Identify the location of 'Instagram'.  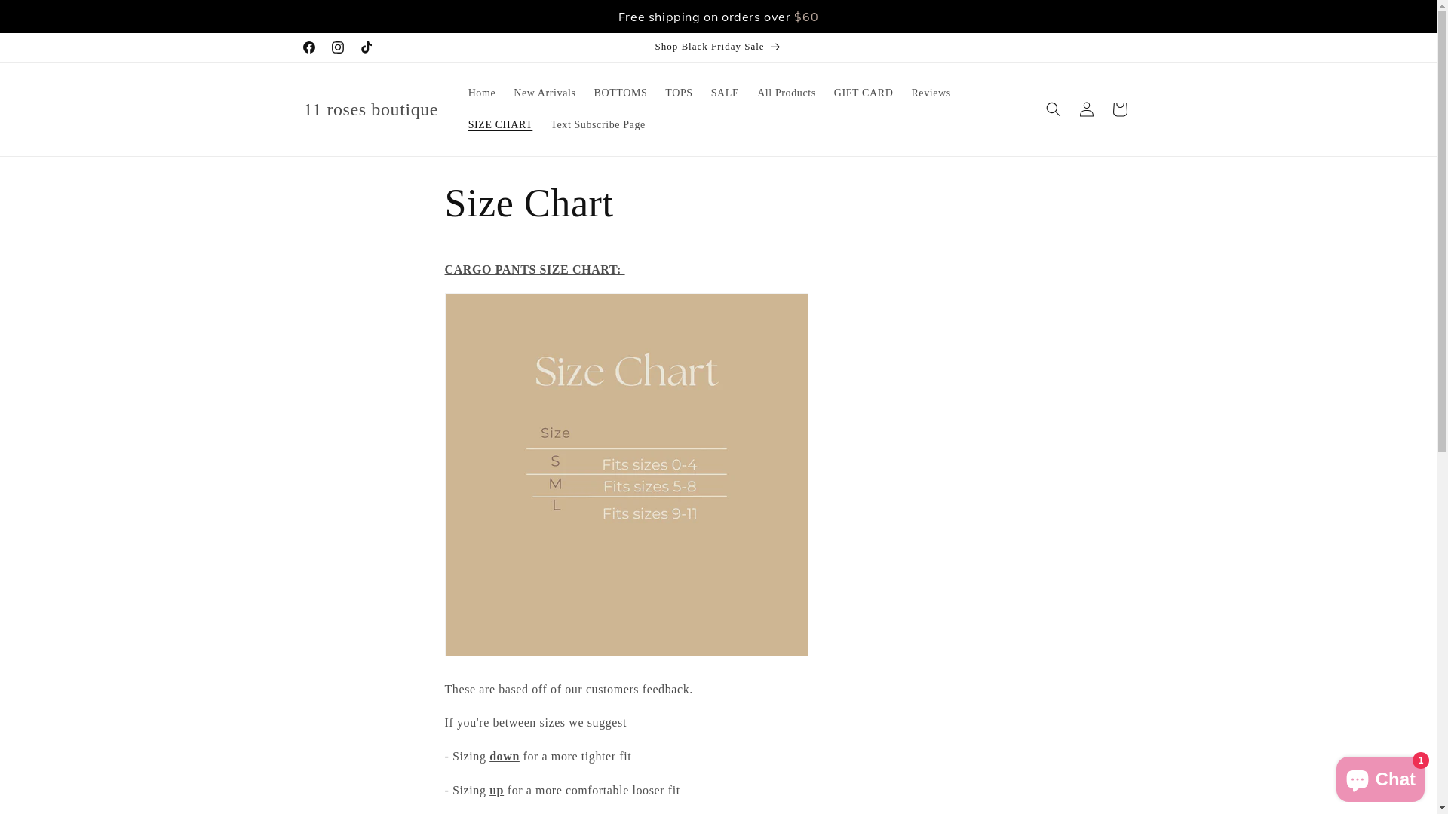
(336, 46).